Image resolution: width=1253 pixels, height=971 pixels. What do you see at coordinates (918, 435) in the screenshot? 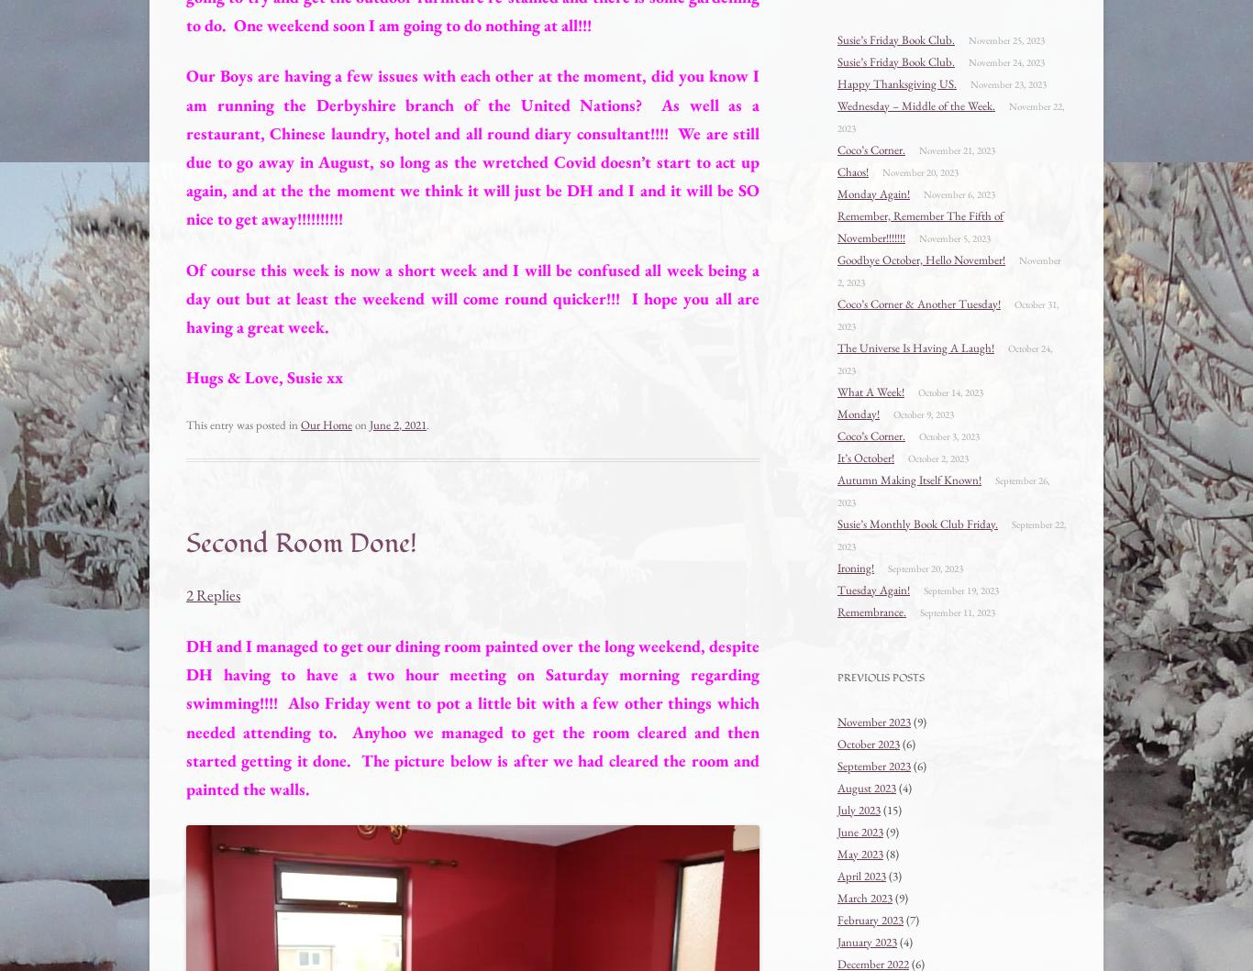
I see `'October 3, 2023'` at bounding box center [918, 435].